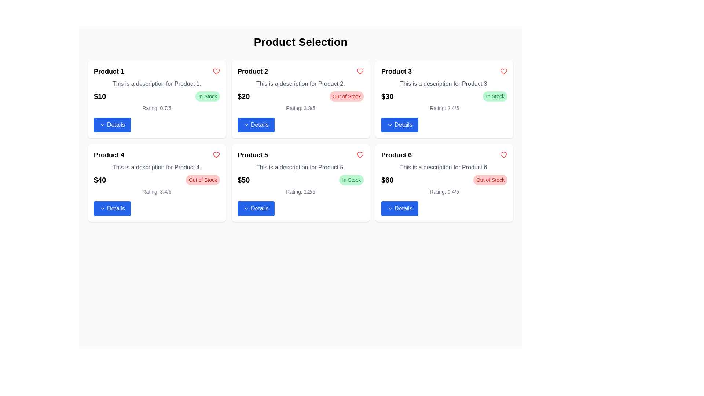  What do you see at coordinates (360, 71) in the screenshot?
I see `the red outlined heart icon button in the top-right corner of the card for 'Product 2'` at bounding box center [360, 71].